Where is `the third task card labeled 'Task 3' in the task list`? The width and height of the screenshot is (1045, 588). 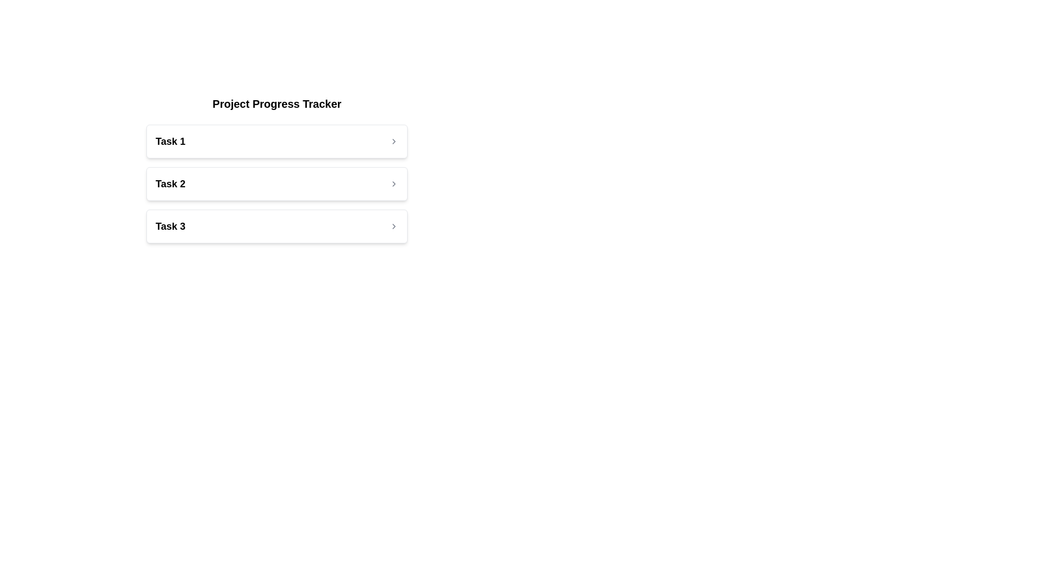 the third task card labeled 'Task 3' in the task list is located at coordinates (276, 226).